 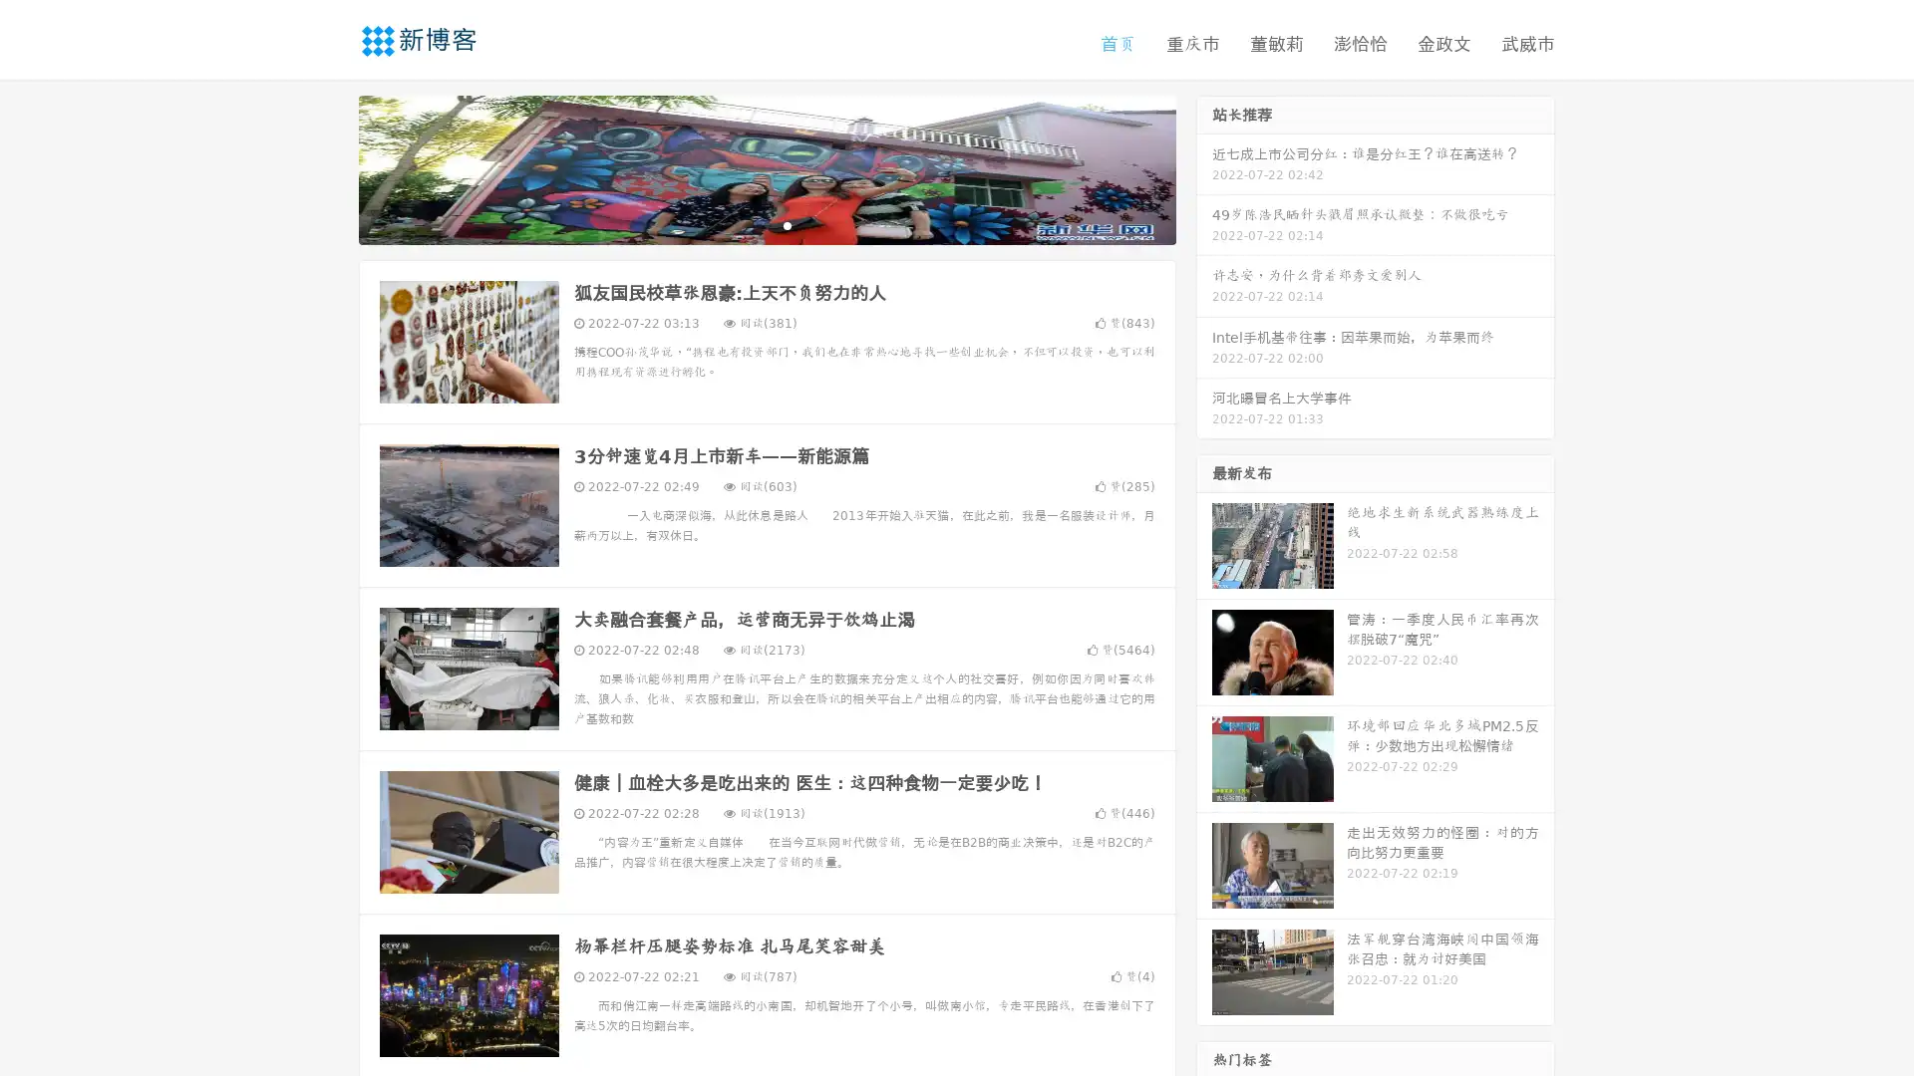 I want to click on Go to slide 3, so click(x=787, y=224).